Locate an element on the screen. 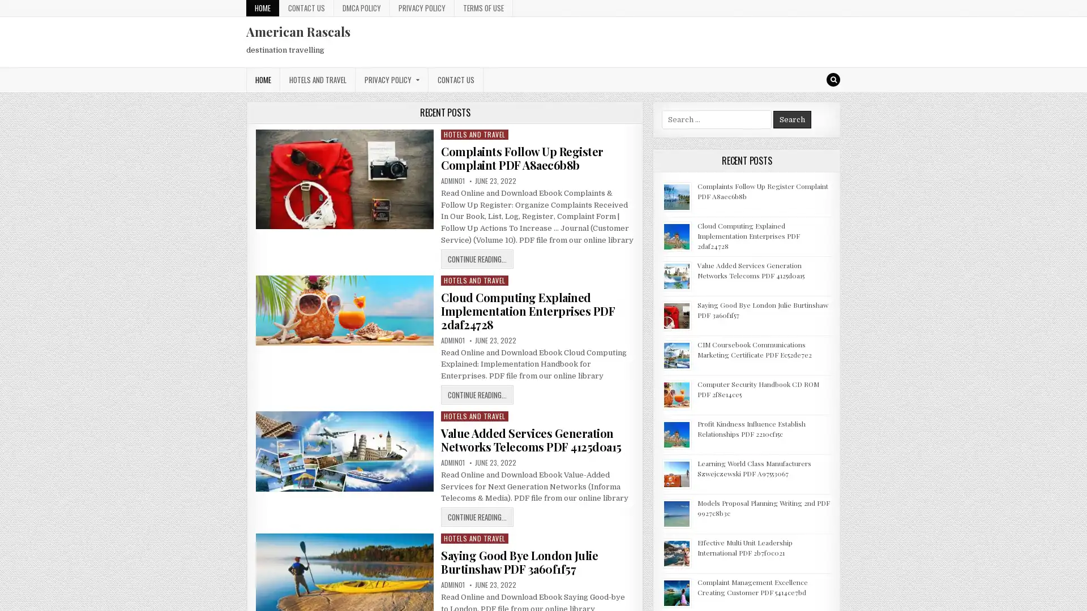 This screenshot has height=611, width=1087. Search is located at coordinates (791, 119).